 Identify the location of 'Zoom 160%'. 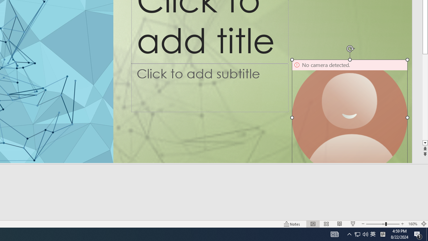
(412, 224).